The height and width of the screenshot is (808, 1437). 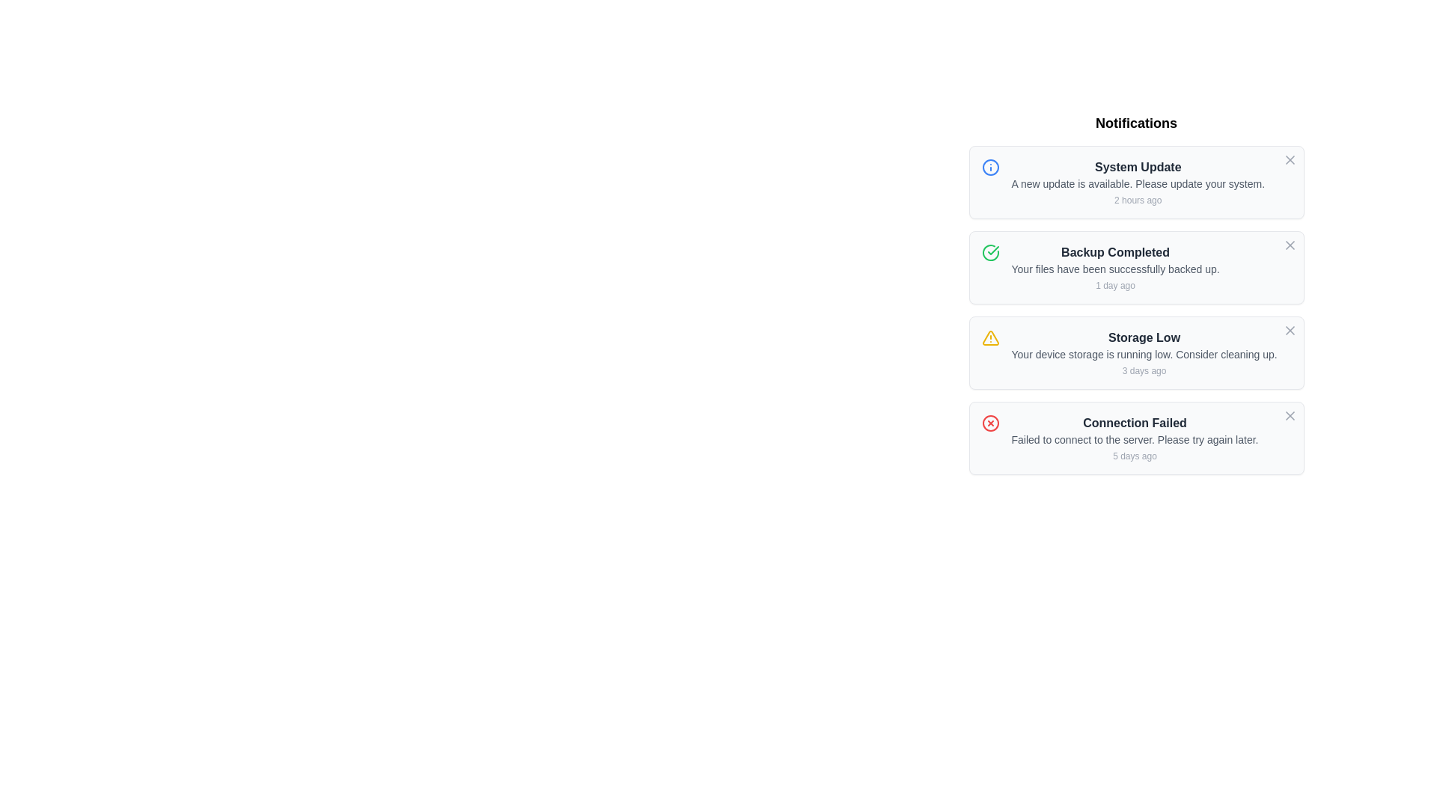 What do you see at coordinates (1114, 267) in the screenshot?
I see `the Text Display element that shows 'Backup Completed' to focus on it` at bounding box center [1114, 267].